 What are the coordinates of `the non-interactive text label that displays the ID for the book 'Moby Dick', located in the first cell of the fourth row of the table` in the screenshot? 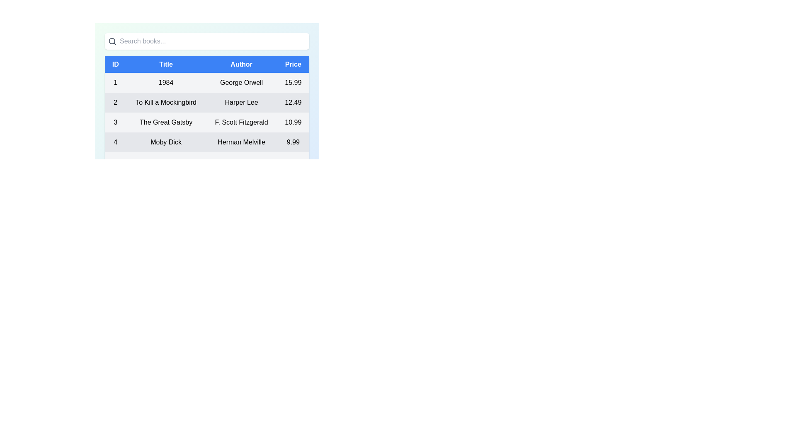 It's located at (115, 142).